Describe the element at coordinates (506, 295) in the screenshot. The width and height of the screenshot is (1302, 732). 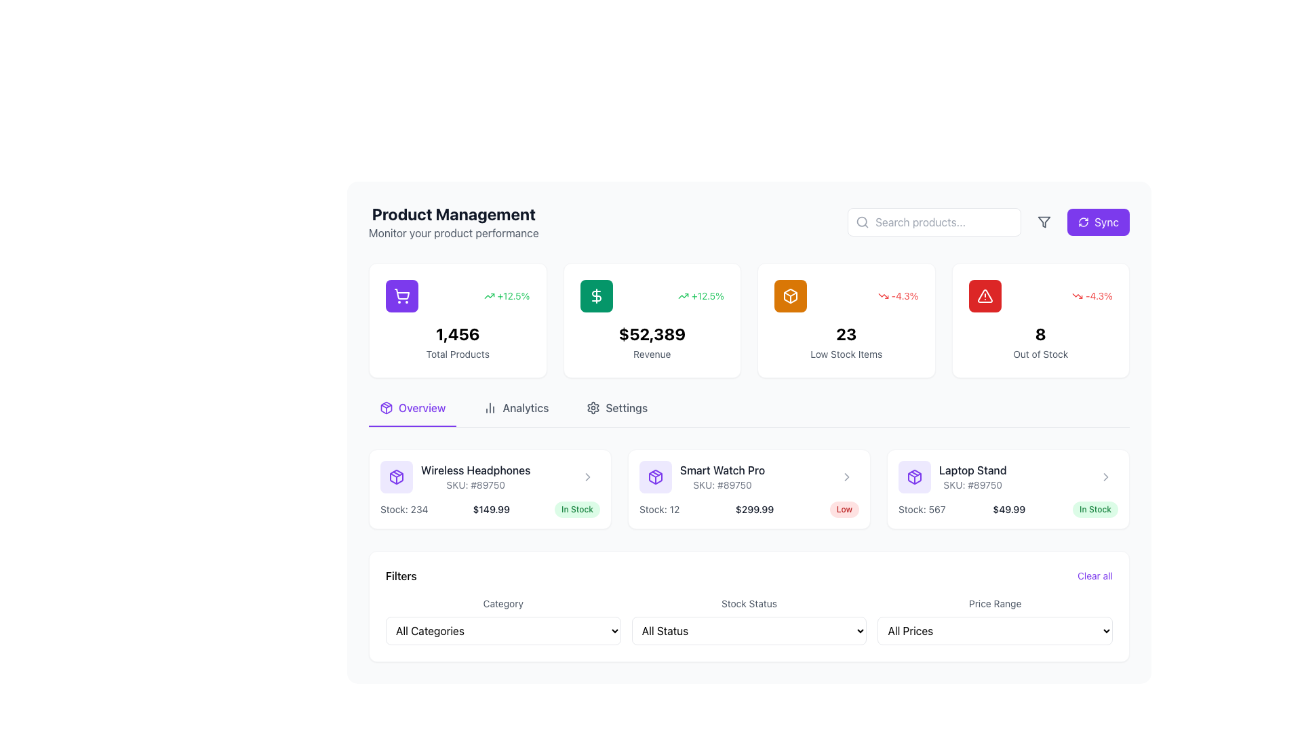
I see `the green Static Text Label that displays the percentage change in revenue, specifically showing '+12.5%', located in the top row of metrics within the 'Revenue' card` at that location.